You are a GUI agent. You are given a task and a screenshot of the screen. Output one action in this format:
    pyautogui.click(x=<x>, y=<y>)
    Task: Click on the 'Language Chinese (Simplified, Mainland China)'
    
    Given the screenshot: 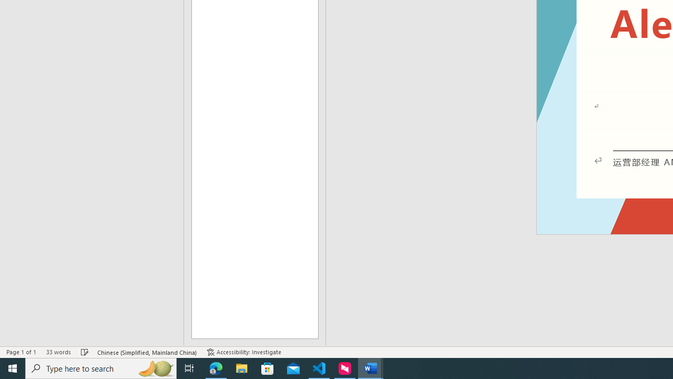 What is the action you would take?
    pyautogui.click(x=147, y=352)
    